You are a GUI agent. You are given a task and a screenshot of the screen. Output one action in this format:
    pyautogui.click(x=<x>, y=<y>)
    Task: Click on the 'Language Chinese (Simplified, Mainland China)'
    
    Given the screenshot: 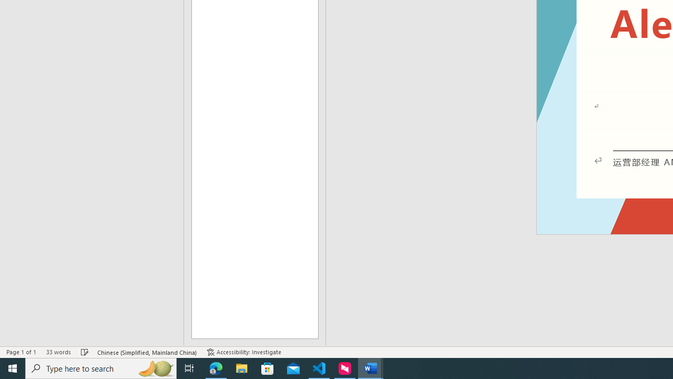 What is the action you would take?
    pyautogui.click(x=147, y=352)
    